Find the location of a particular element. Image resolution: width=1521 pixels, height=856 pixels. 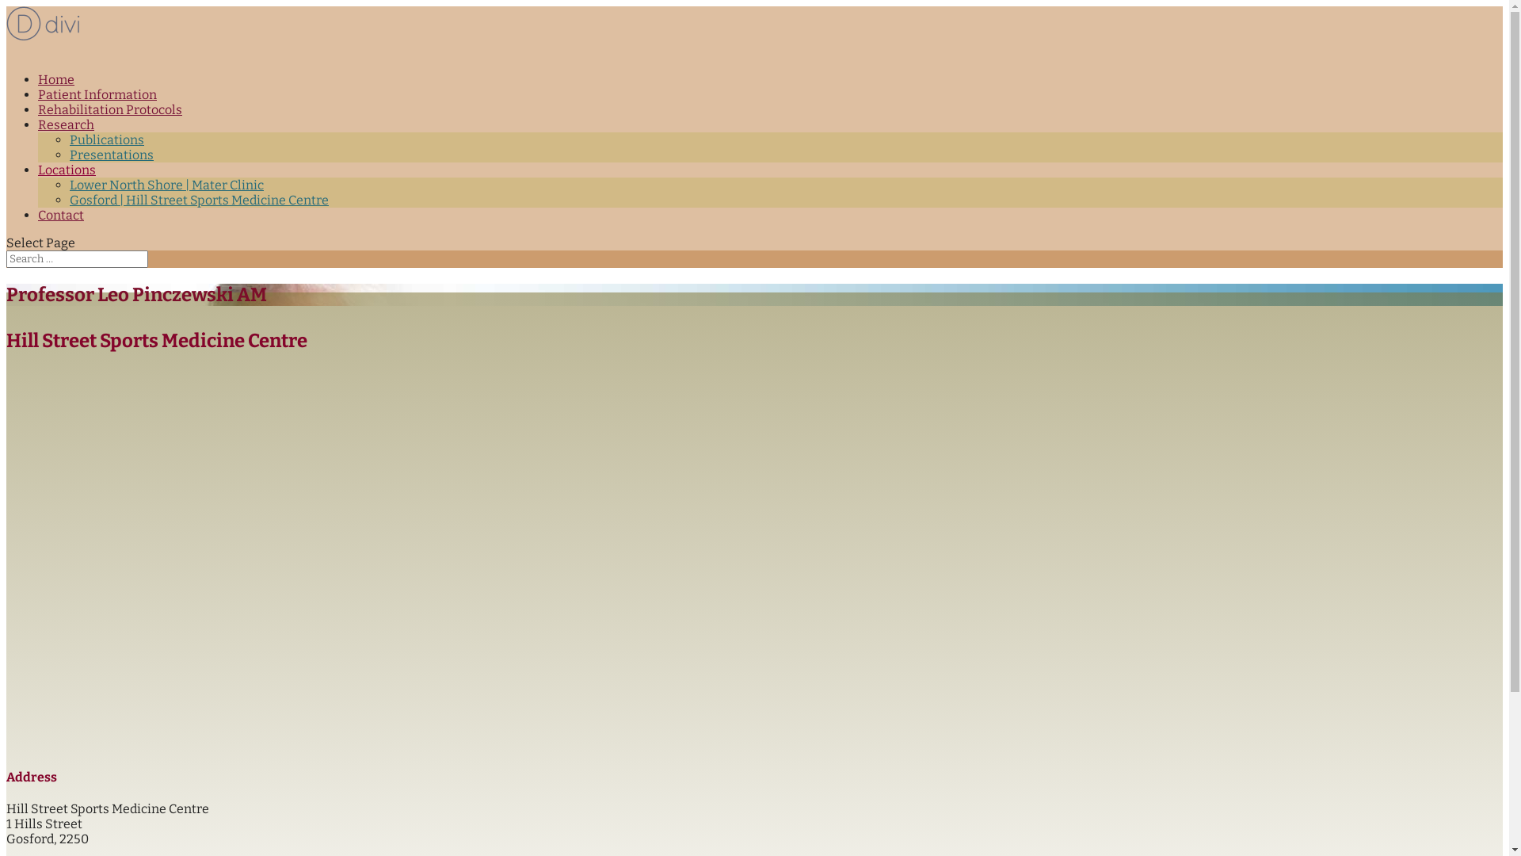

'Presentations' is located at coordinates (68, 155).